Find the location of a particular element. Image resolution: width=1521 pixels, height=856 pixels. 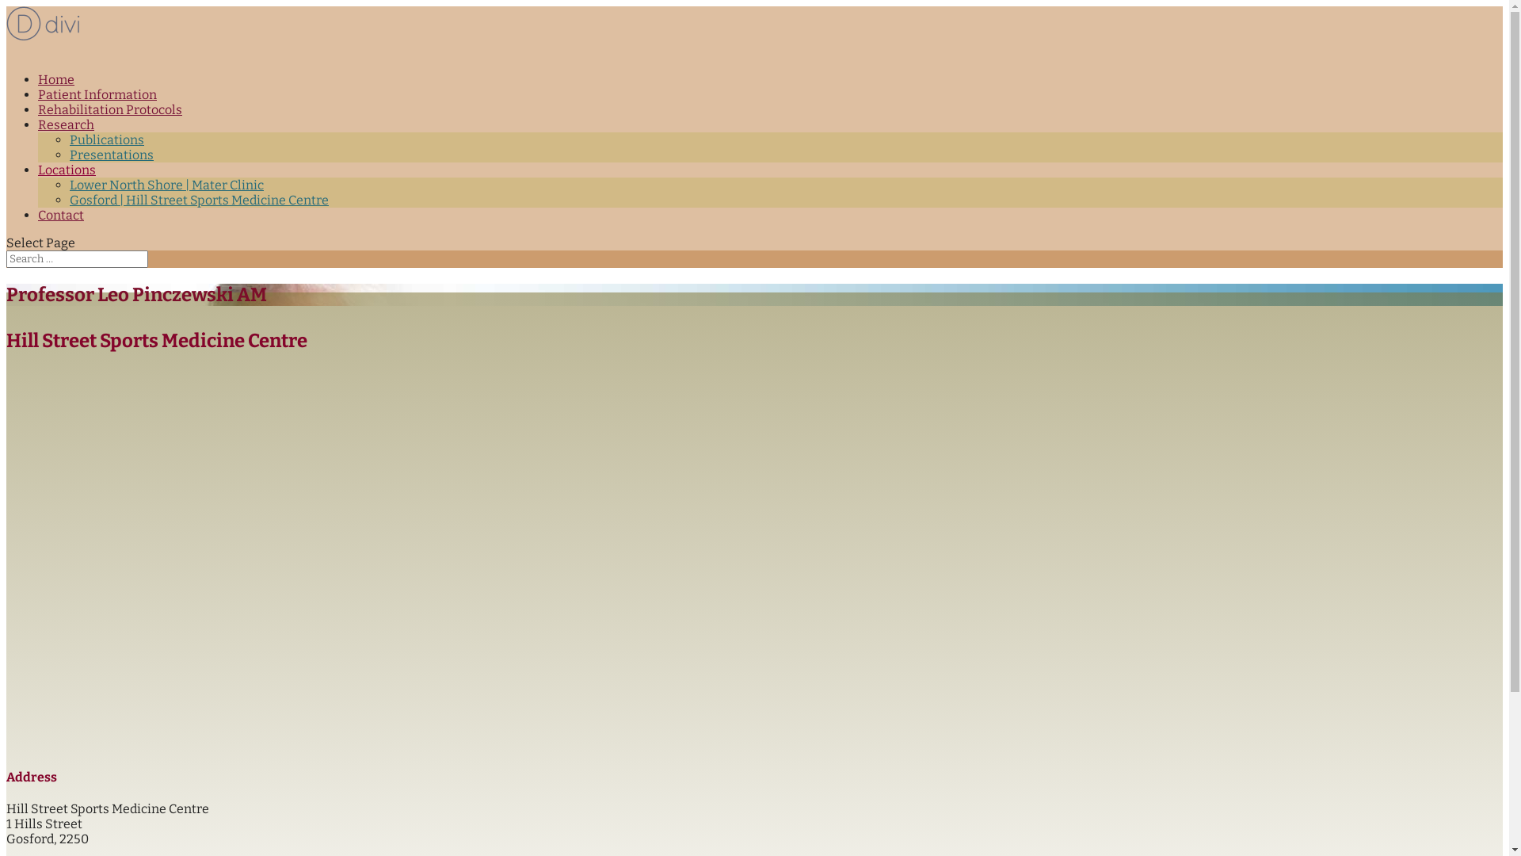

'Presentations' is located at coordinates (68, 155).